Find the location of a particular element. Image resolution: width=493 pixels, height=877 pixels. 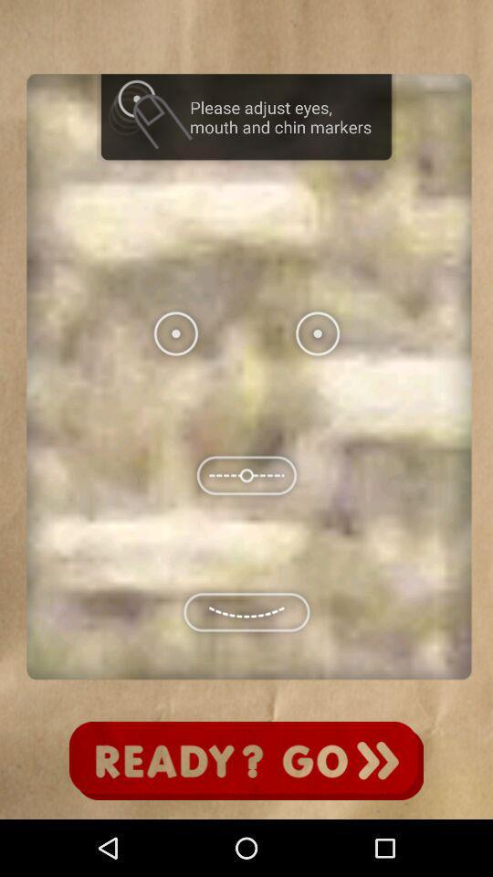

a hidden add is located at coordinates (246, 761).